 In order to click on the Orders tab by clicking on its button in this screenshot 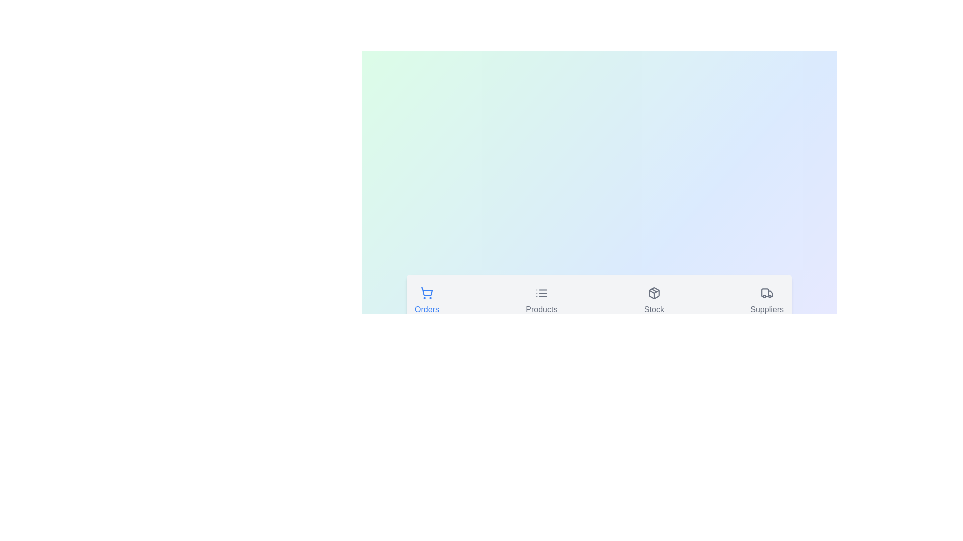, I will do `click(426, 301)`.